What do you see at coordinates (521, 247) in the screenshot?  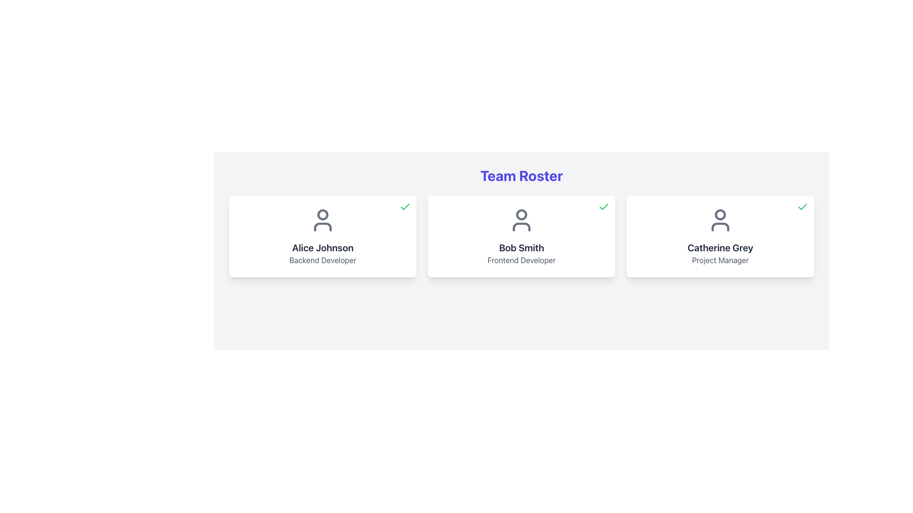 I see `the text element displaying 'Bob Smith', which is centrally aligned, bold, and located above the text block labeled 'Frontend Developer'` at bounding box center [521, 247].